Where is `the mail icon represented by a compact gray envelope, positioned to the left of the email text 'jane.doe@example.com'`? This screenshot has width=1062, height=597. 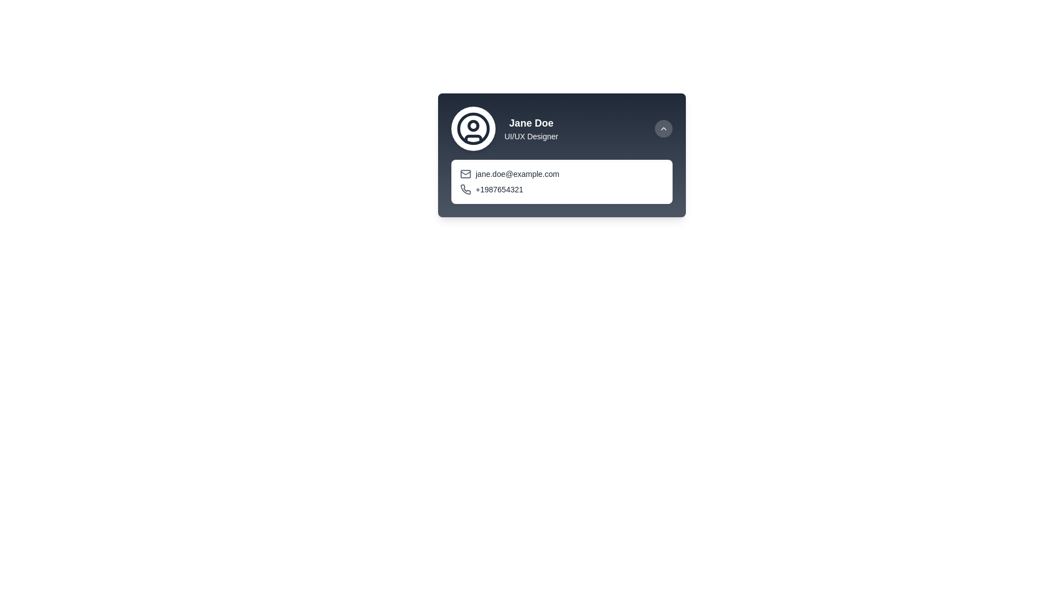 the mail icon represented by a compact gray envelope, positioned to the left of the email text 'jane.doe@example.com' is located at coordinates (465, 174).